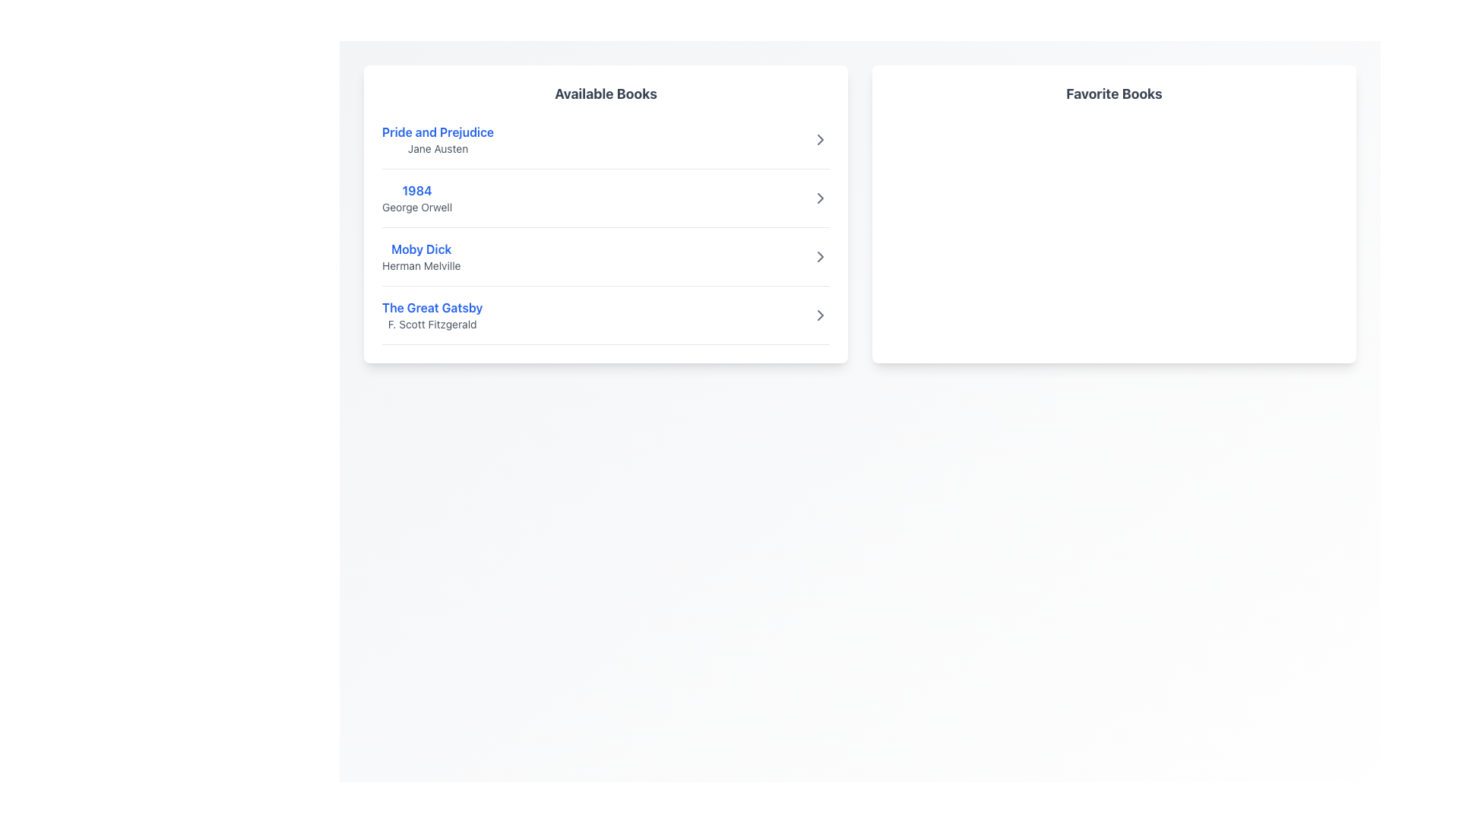 The image size is (1459, 821). What do you see at coordinates (421, 248) in the screenshot?
I see `text label 'Moby Dick' which is styled bold and blue, making it appear as a clickable link within the 'Available Books' section` at bounding box center [421, 248].